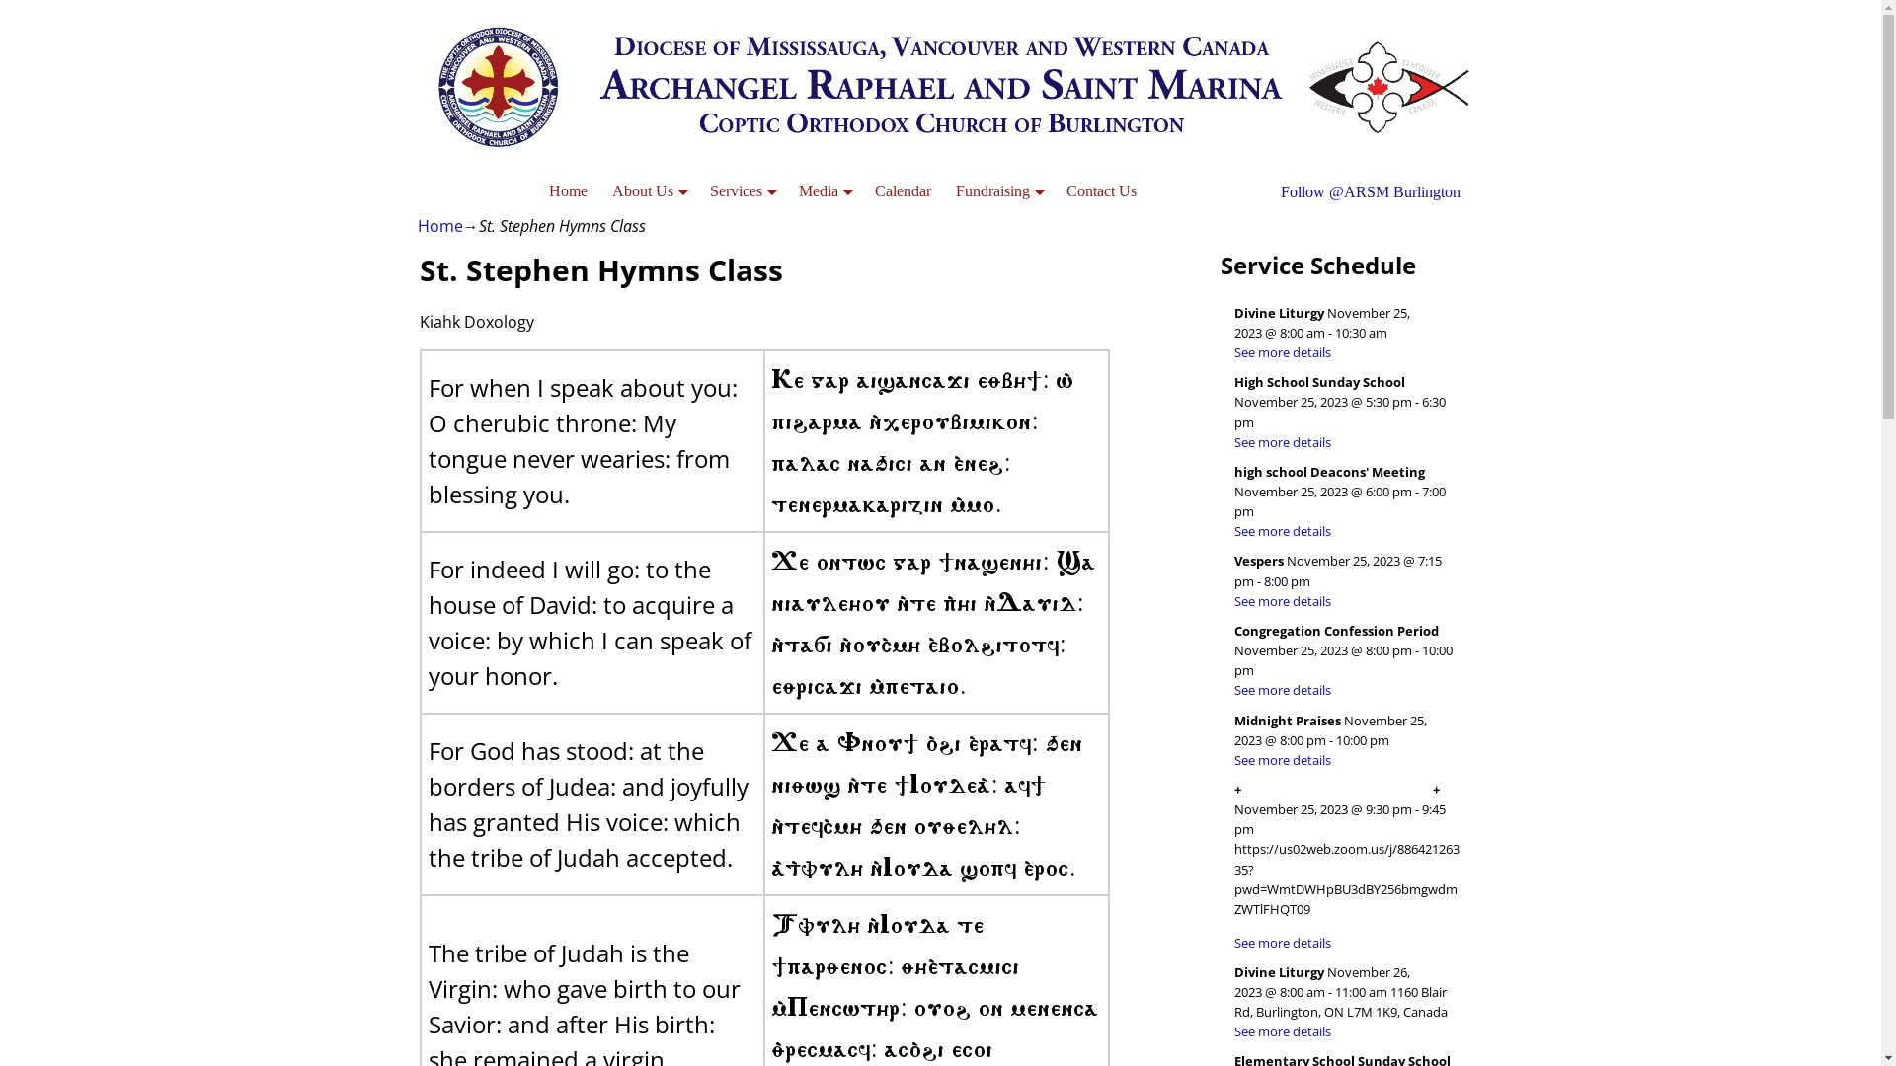 This screenshot has width=1896, height=1066. What do you see at coordinates (568, 191) in the screenshot?
I see `'Home'` at bounding box center [568, 191].